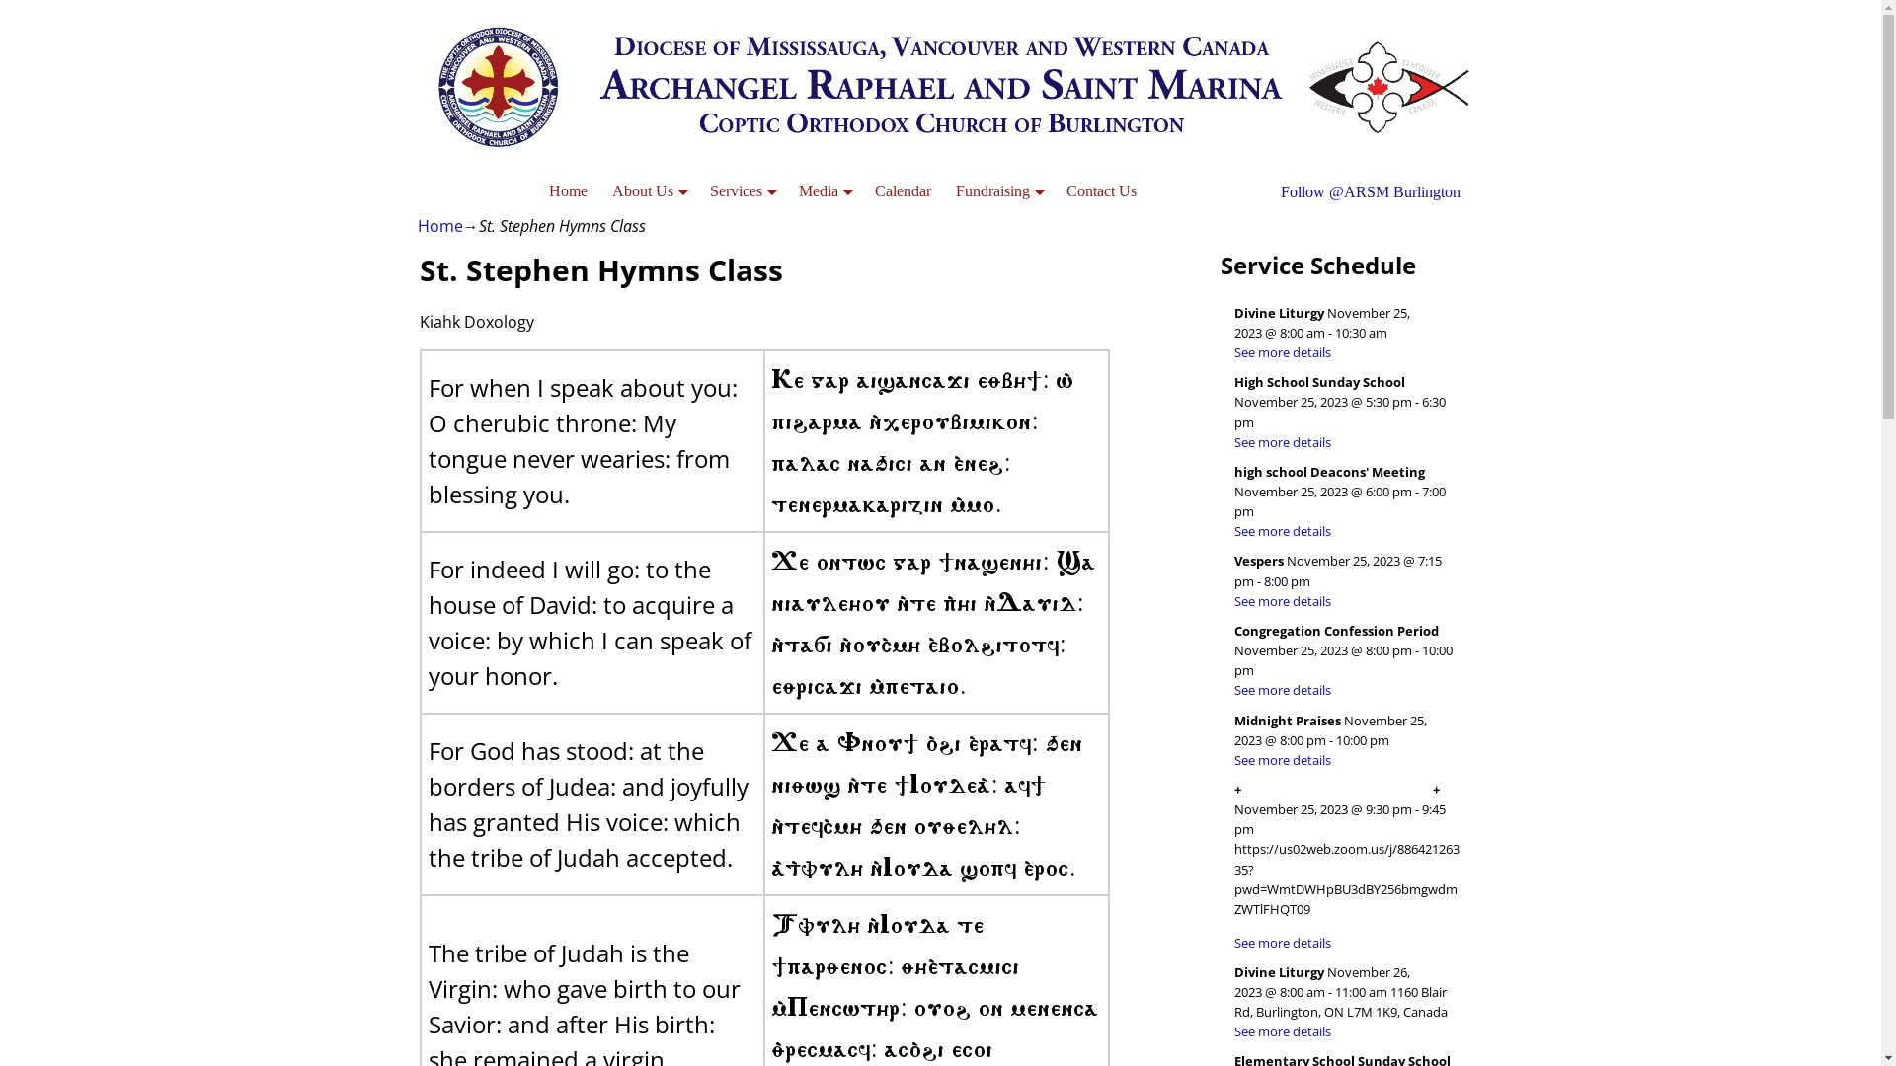 This screenshot has width=1896, height=1066. What do you see at coordinates (568, 191) in the screenshot?
I see `'Home'` at bounding box center [568, 191].